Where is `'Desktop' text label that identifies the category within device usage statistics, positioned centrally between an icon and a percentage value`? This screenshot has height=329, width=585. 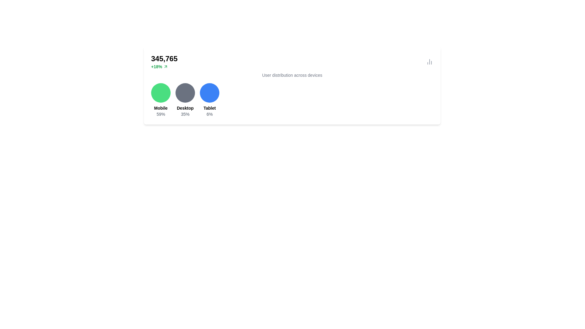
'Desktop' text label that identifies the category within device usage statistics, positioned centrally between an icon and a percentage value is located at coordinates (185, 108).